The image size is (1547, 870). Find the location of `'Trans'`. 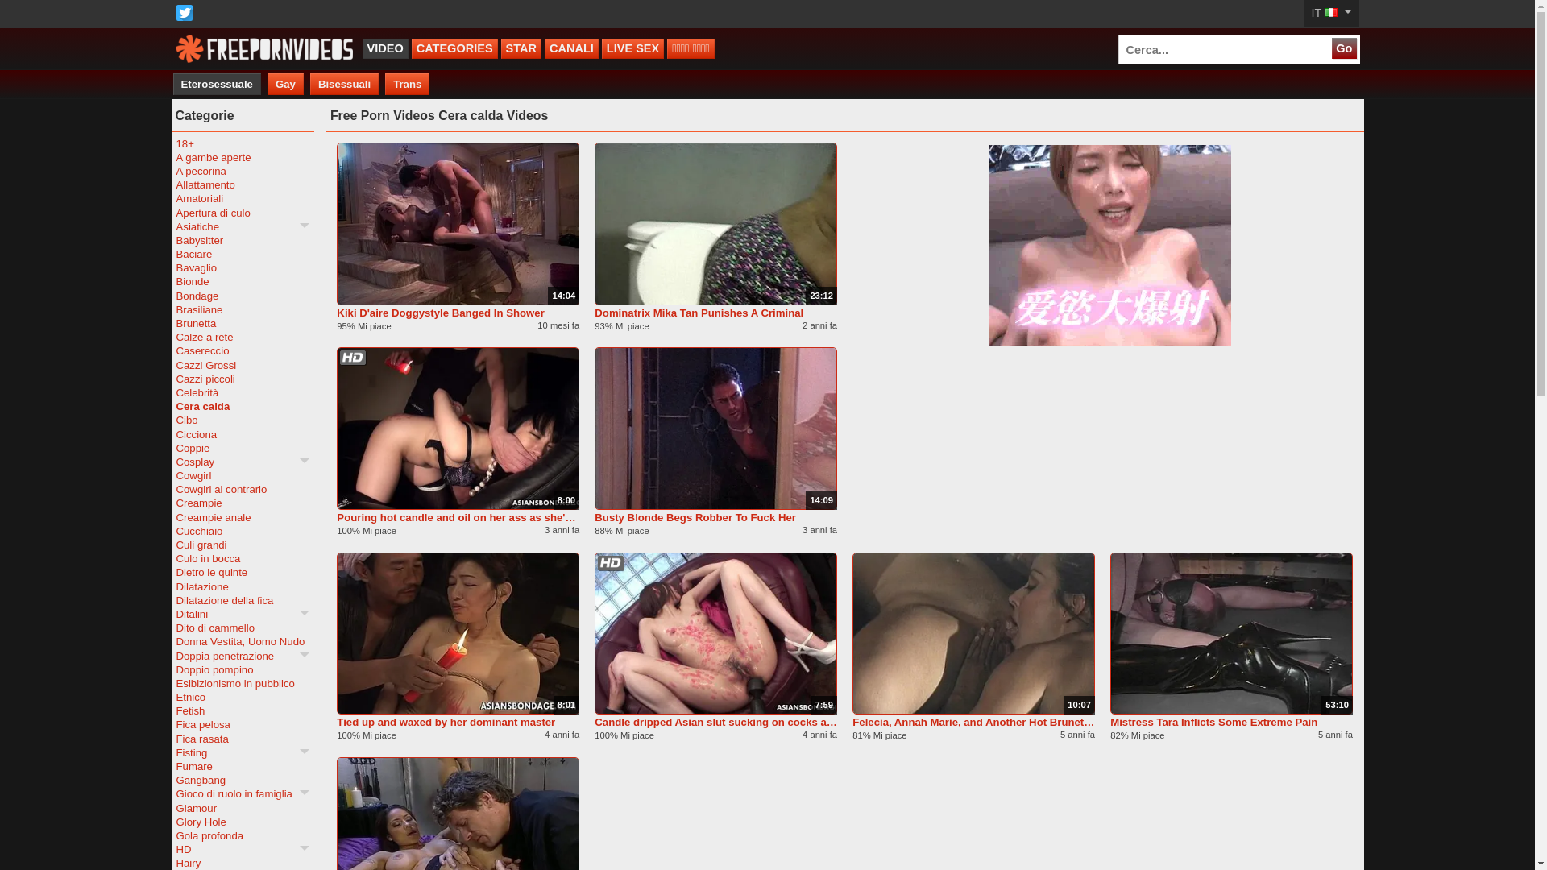

'Trans' is located at coordinates (407, 84).